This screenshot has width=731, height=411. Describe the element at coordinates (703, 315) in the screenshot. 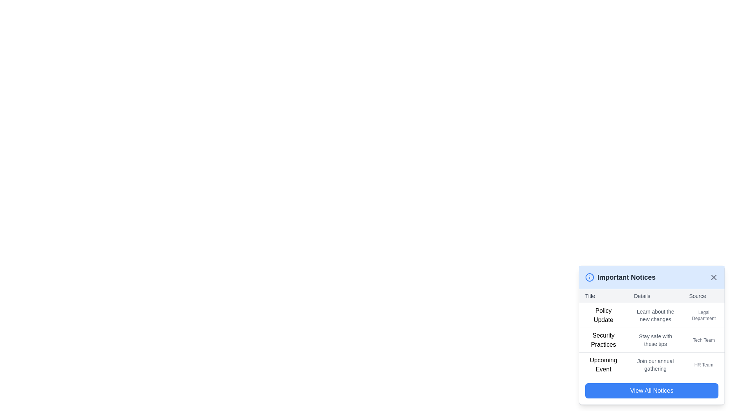

I see `the Text label that displays the source for the 'Policy Update' entry in the 'Source' column of the 'Important Notices' section, specifically the first row` at that location.